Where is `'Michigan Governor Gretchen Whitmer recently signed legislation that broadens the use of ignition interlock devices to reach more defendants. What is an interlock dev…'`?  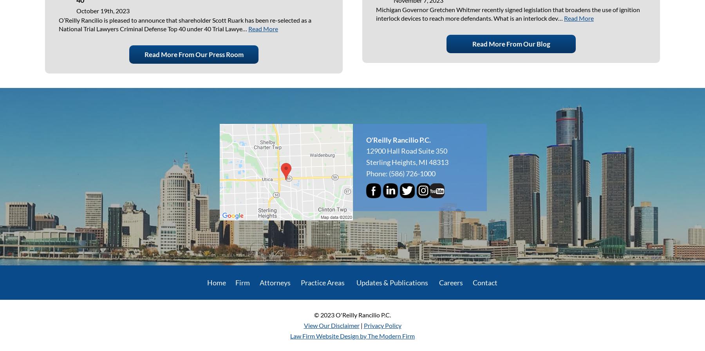
'Michigan Governor Gretchen Whitmer recently signed legislation that broadens the use of ignition interlock devices to reach more defendants. What is an interlock dev…' is located at coordinates (508, 13).